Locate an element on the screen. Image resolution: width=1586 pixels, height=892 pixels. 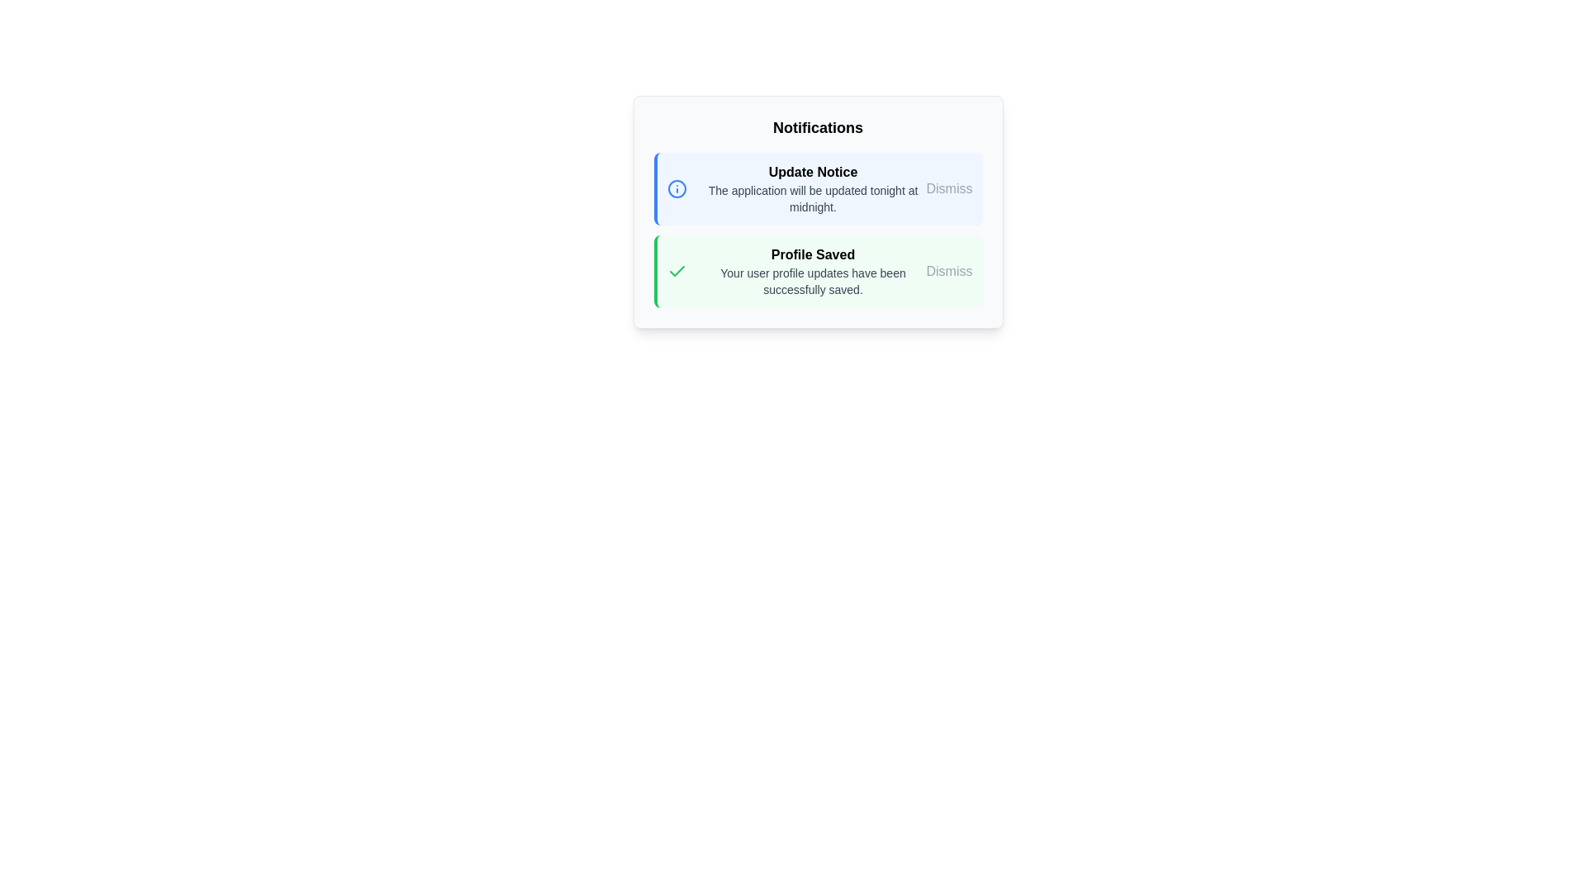
the 'Dismiss' button located at the top-right corner of the green-highlighted 'Profile Saved' notification is located at coordinates (949, 270).